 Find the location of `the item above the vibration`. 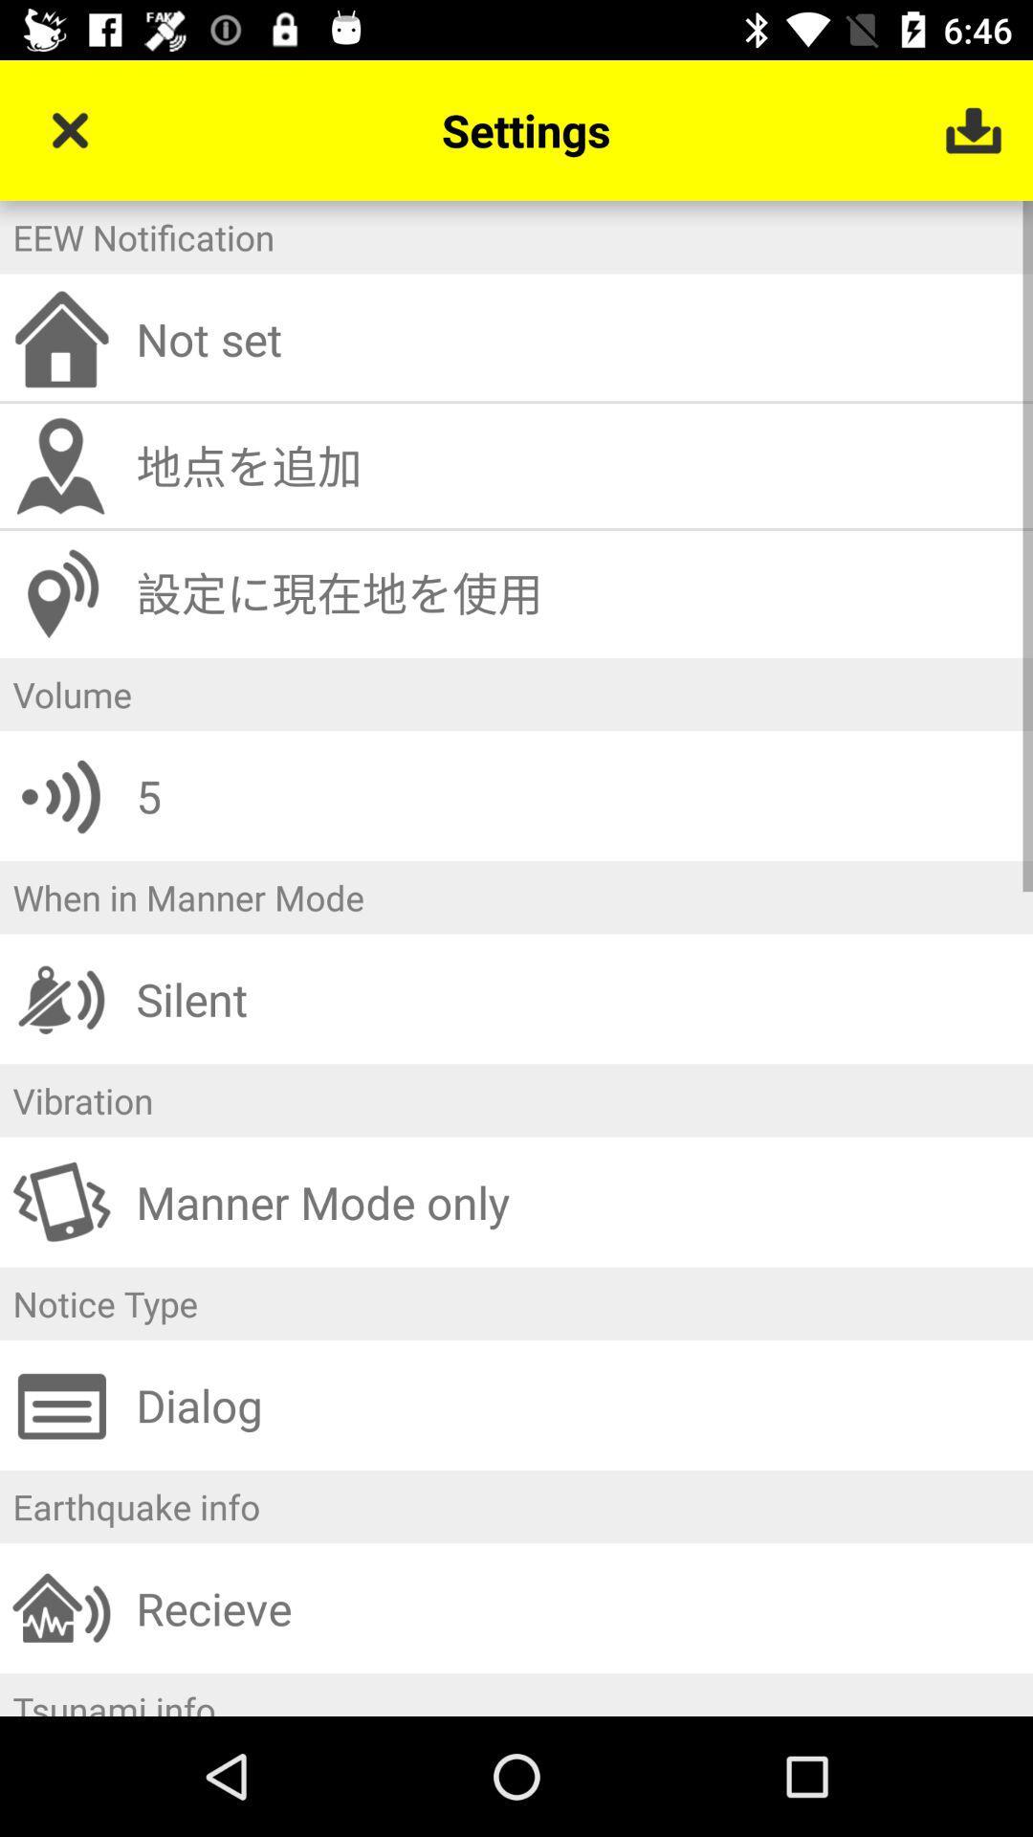

the item above the vibration is located at coordinates (577, 998).